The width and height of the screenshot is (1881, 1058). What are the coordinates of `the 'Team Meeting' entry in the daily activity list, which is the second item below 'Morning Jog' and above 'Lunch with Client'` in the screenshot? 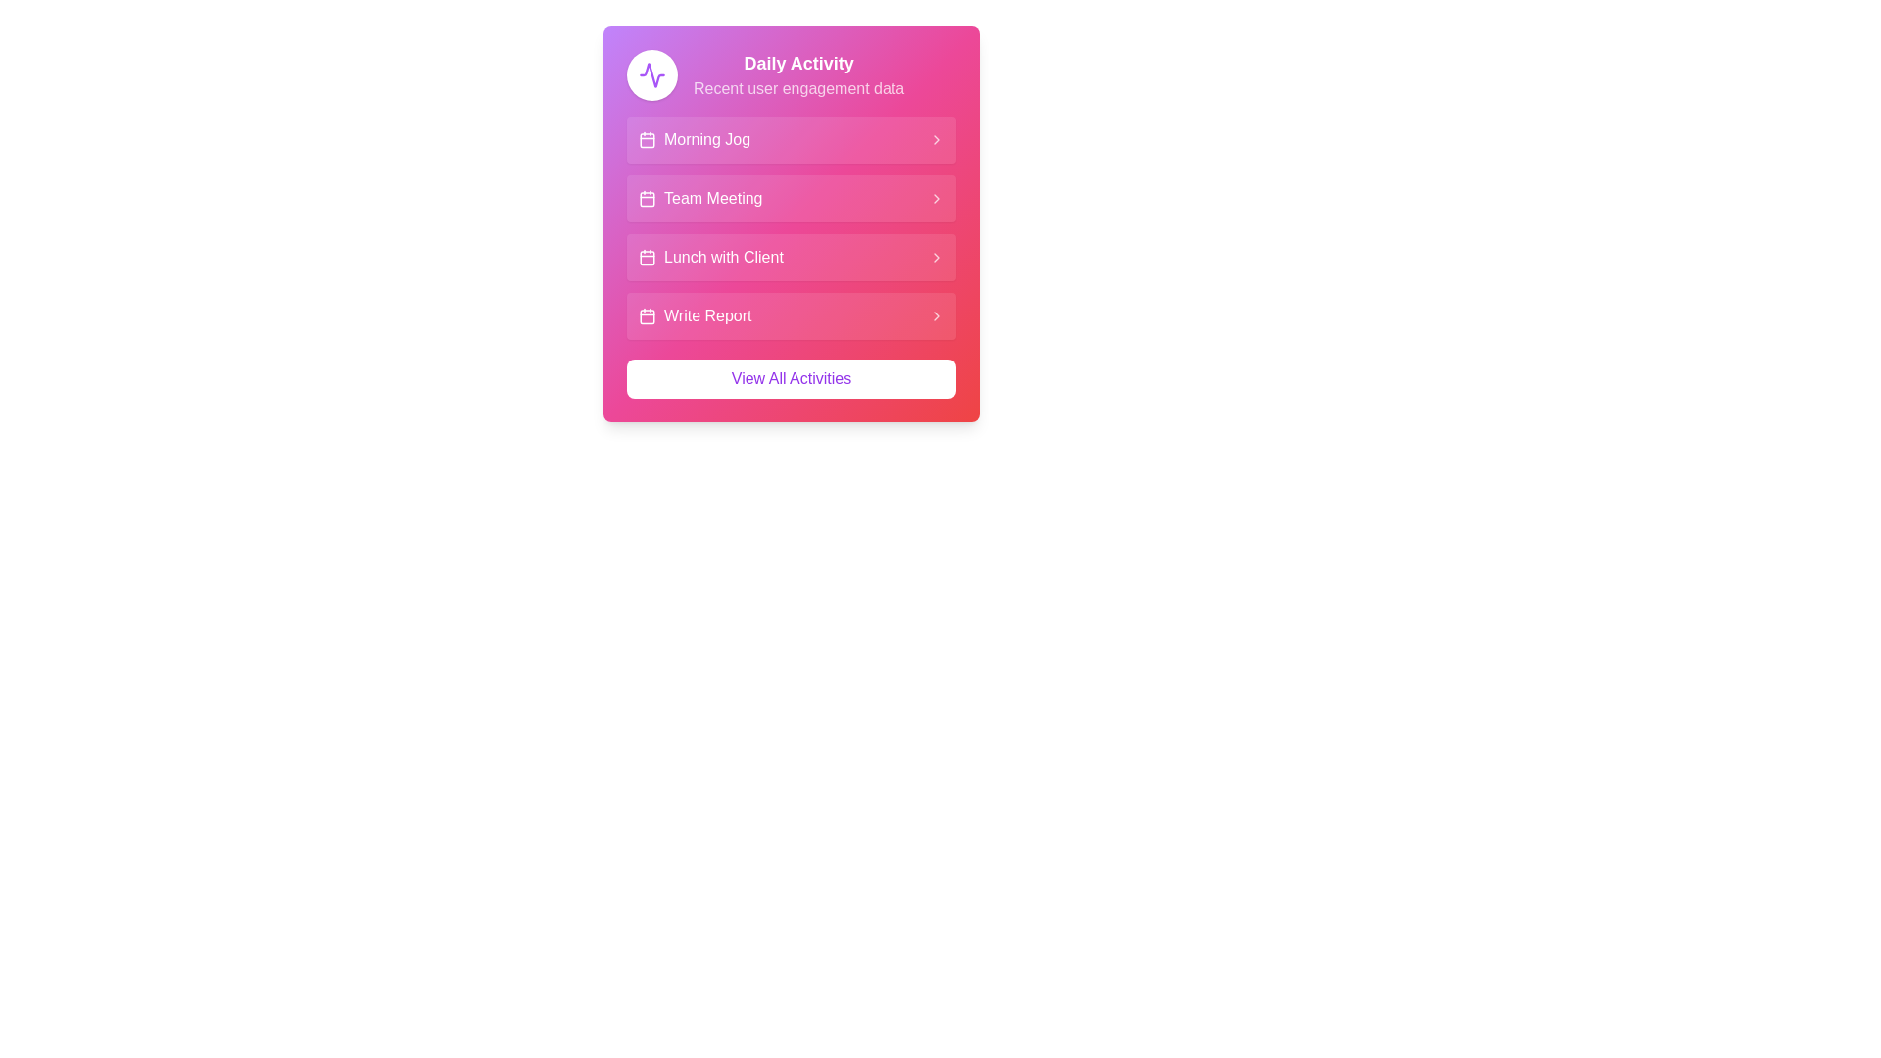 It's located at (700, 199).